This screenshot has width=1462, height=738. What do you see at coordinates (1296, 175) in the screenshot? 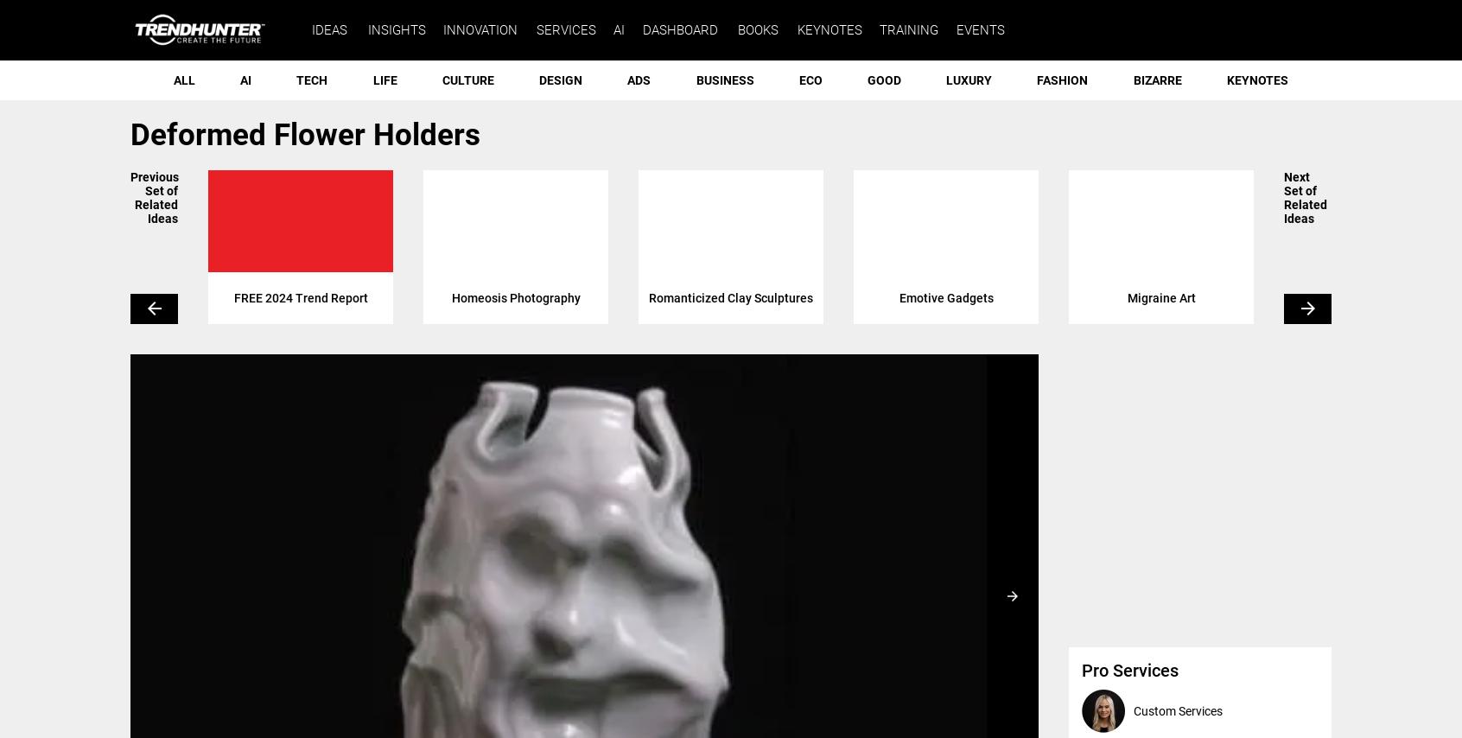
I see `'Next'` at bounding box center [1296, 175].